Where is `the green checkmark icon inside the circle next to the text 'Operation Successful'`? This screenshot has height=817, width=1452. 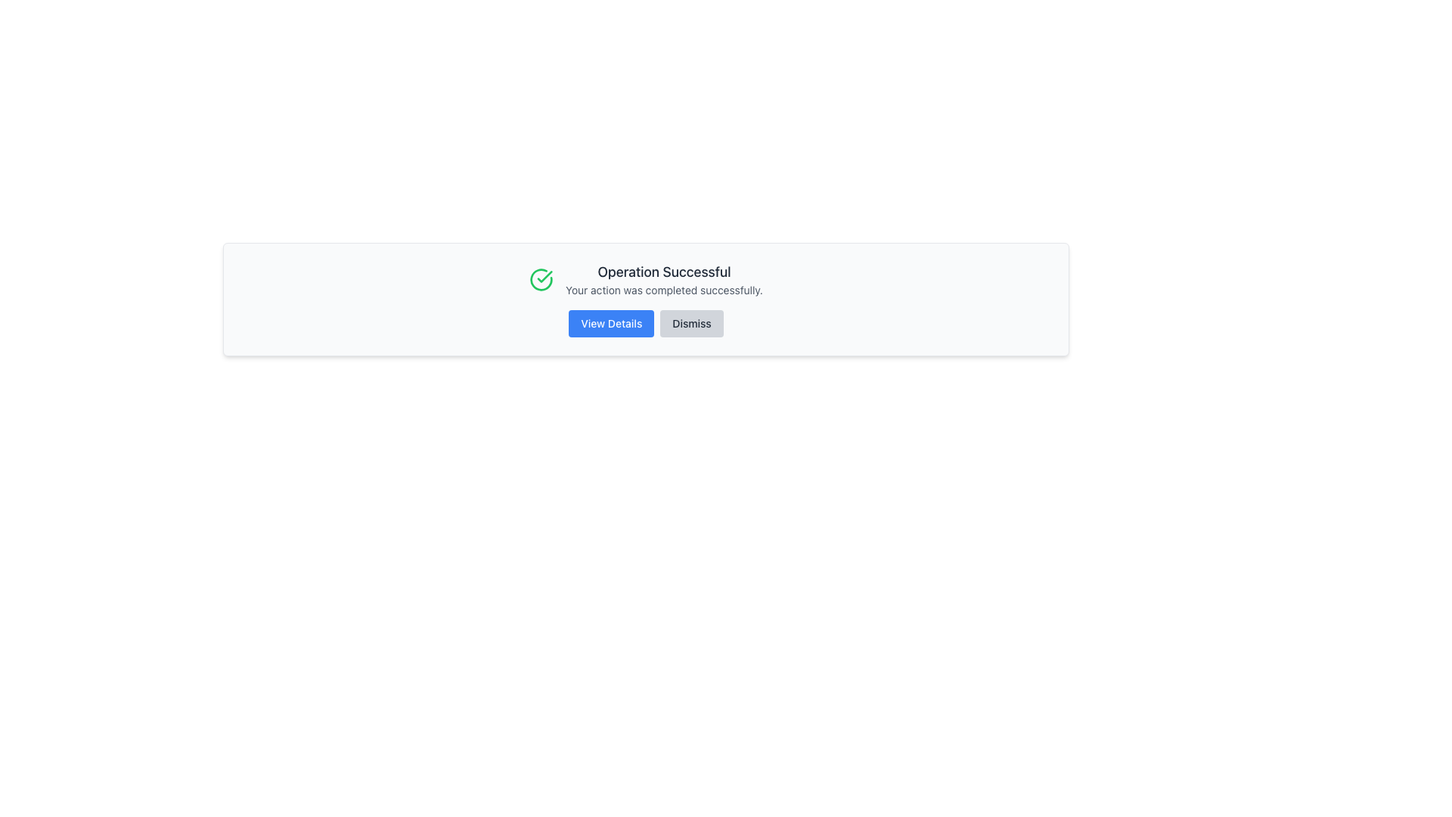
the green checkmark icon inside the circle next to the text 'Operation Successful' is located at coordinates (541, 280).